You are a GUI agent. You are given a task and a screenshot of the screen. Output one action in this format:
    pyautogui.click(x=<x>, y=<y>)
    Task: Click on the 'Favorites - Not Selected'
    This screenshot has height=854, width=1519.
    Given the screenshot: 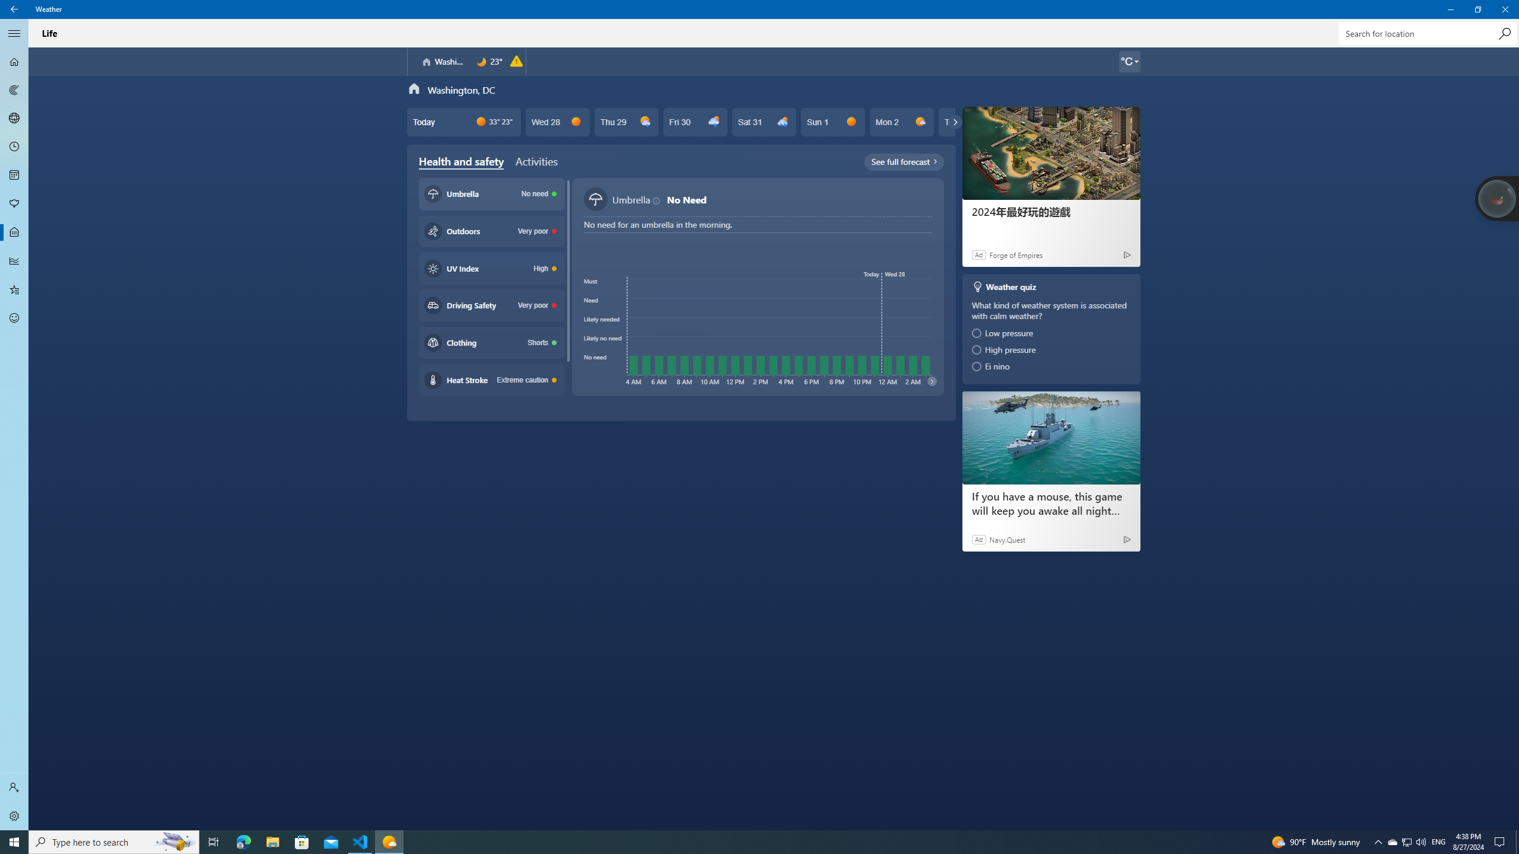 What is the action you would take?
    pyautogui.click(x=14, y=289)
    